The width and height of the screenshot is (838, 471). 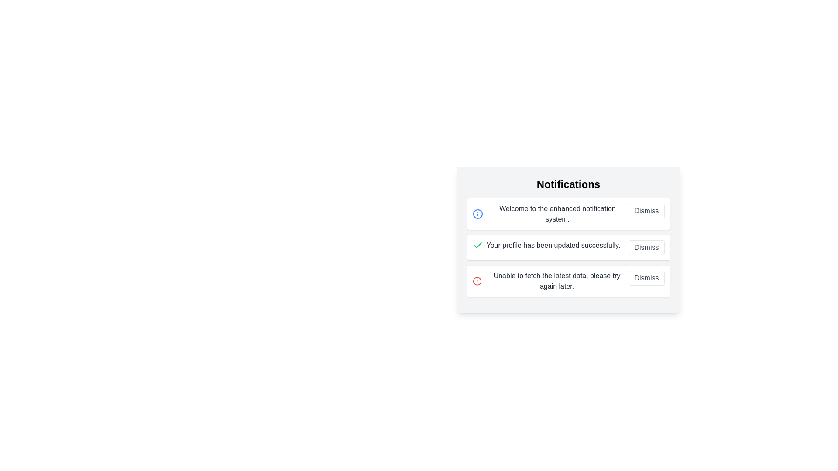 I want to click on the second notification message indicating that the user's profile has been successfully updated, so click(x=546, y=246).